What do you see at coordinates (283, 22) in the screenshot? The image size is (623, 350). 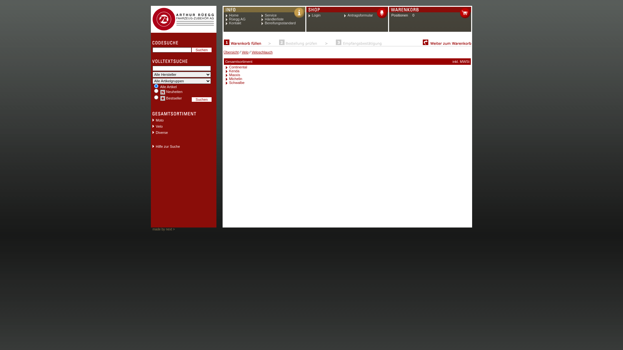 I see `'Bereifungsstandard'` at bounding box center [283, 22].